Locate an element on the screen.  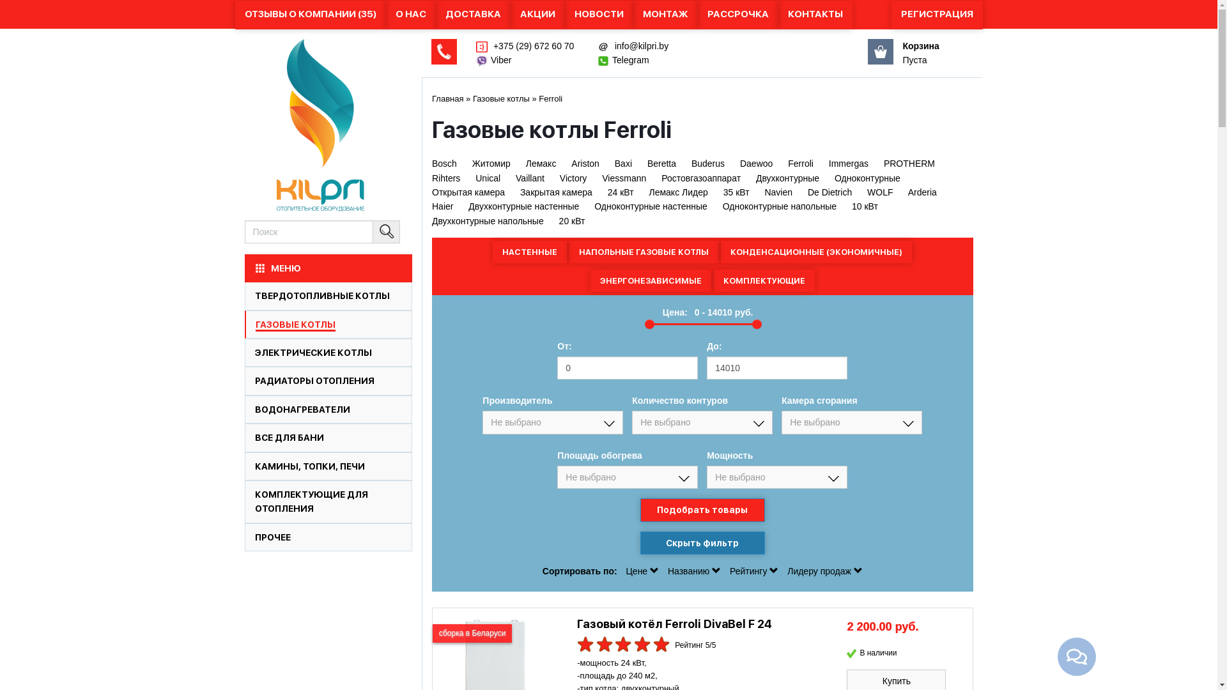
'Vaillant' is located at coordinates (530, 178).